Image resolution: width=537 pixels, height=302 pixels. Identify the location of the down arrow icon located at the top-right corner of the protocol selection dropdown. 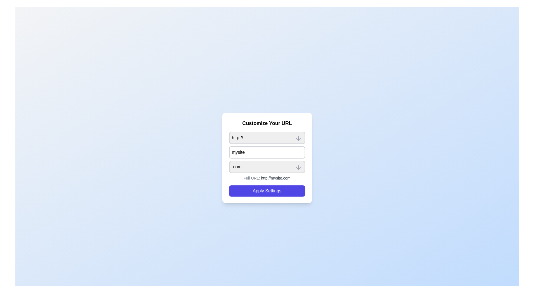
(298, 138).